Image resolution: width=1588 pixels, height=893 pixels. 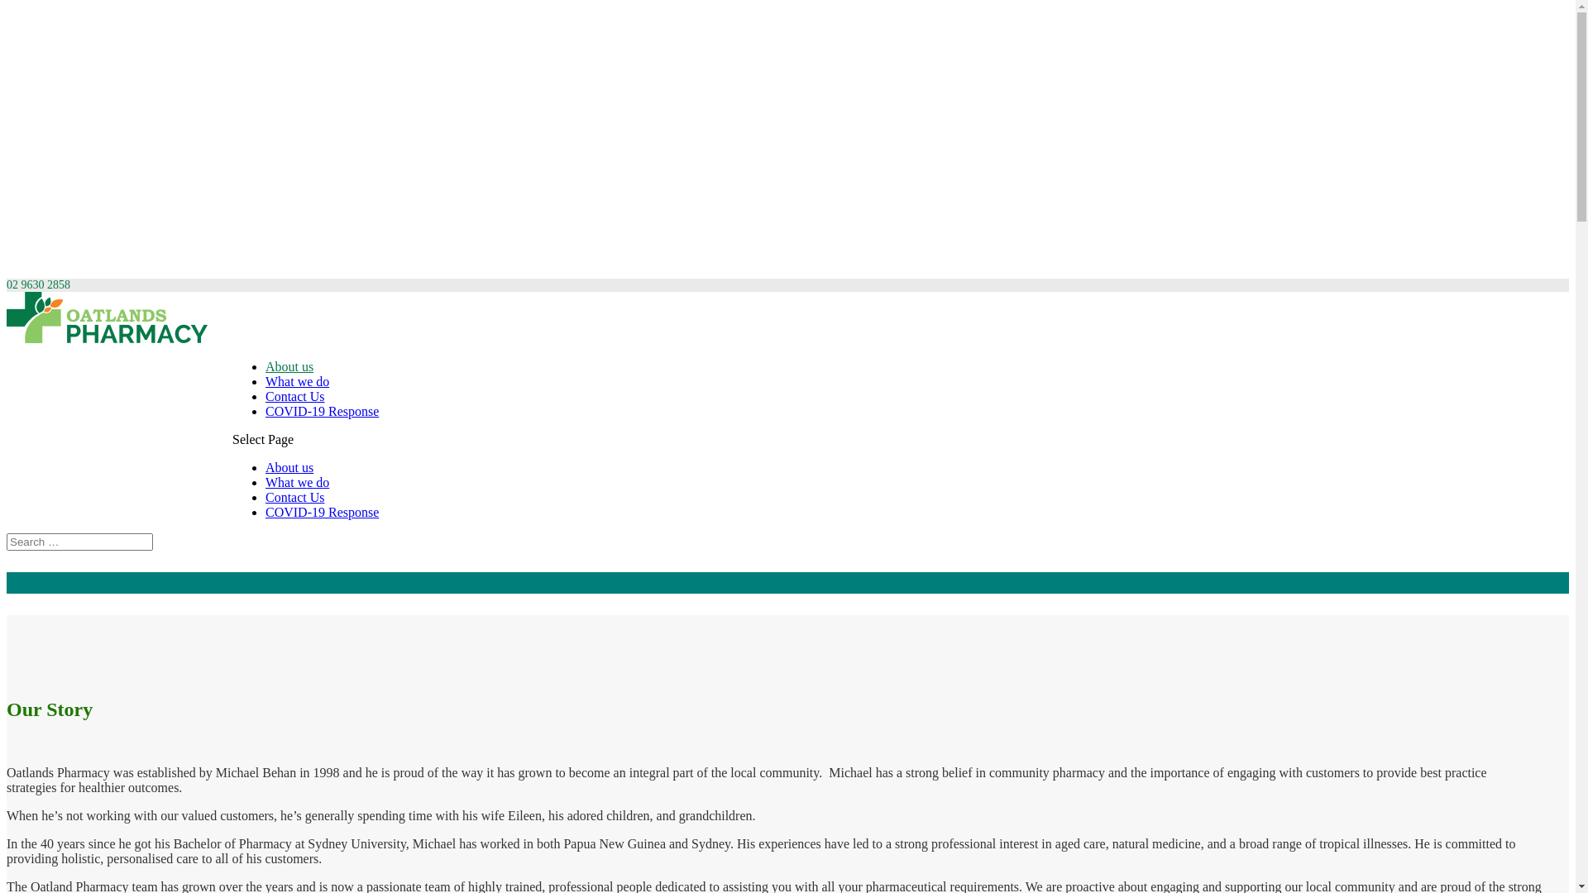 I want to click on 'Contact Us', so click(x=294, y=496).